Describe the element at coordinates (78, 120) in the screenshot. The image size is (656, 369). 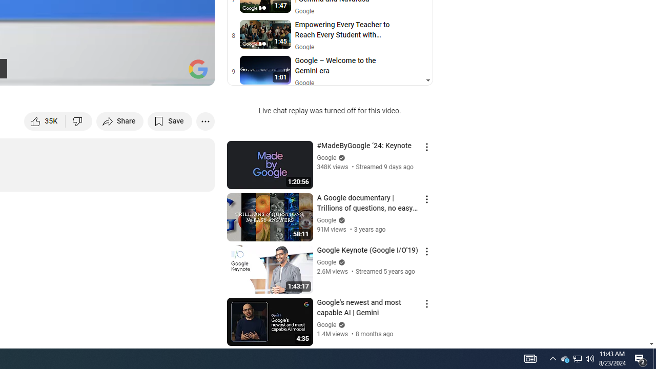
I see `'Dislike this video'` at that location.